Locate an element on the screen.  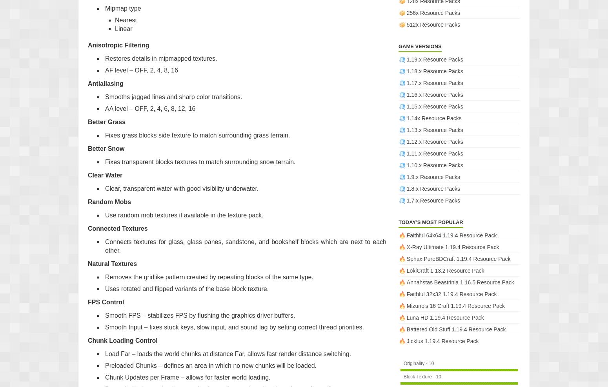
'FPS Control' is located at coordinates (106, 301).